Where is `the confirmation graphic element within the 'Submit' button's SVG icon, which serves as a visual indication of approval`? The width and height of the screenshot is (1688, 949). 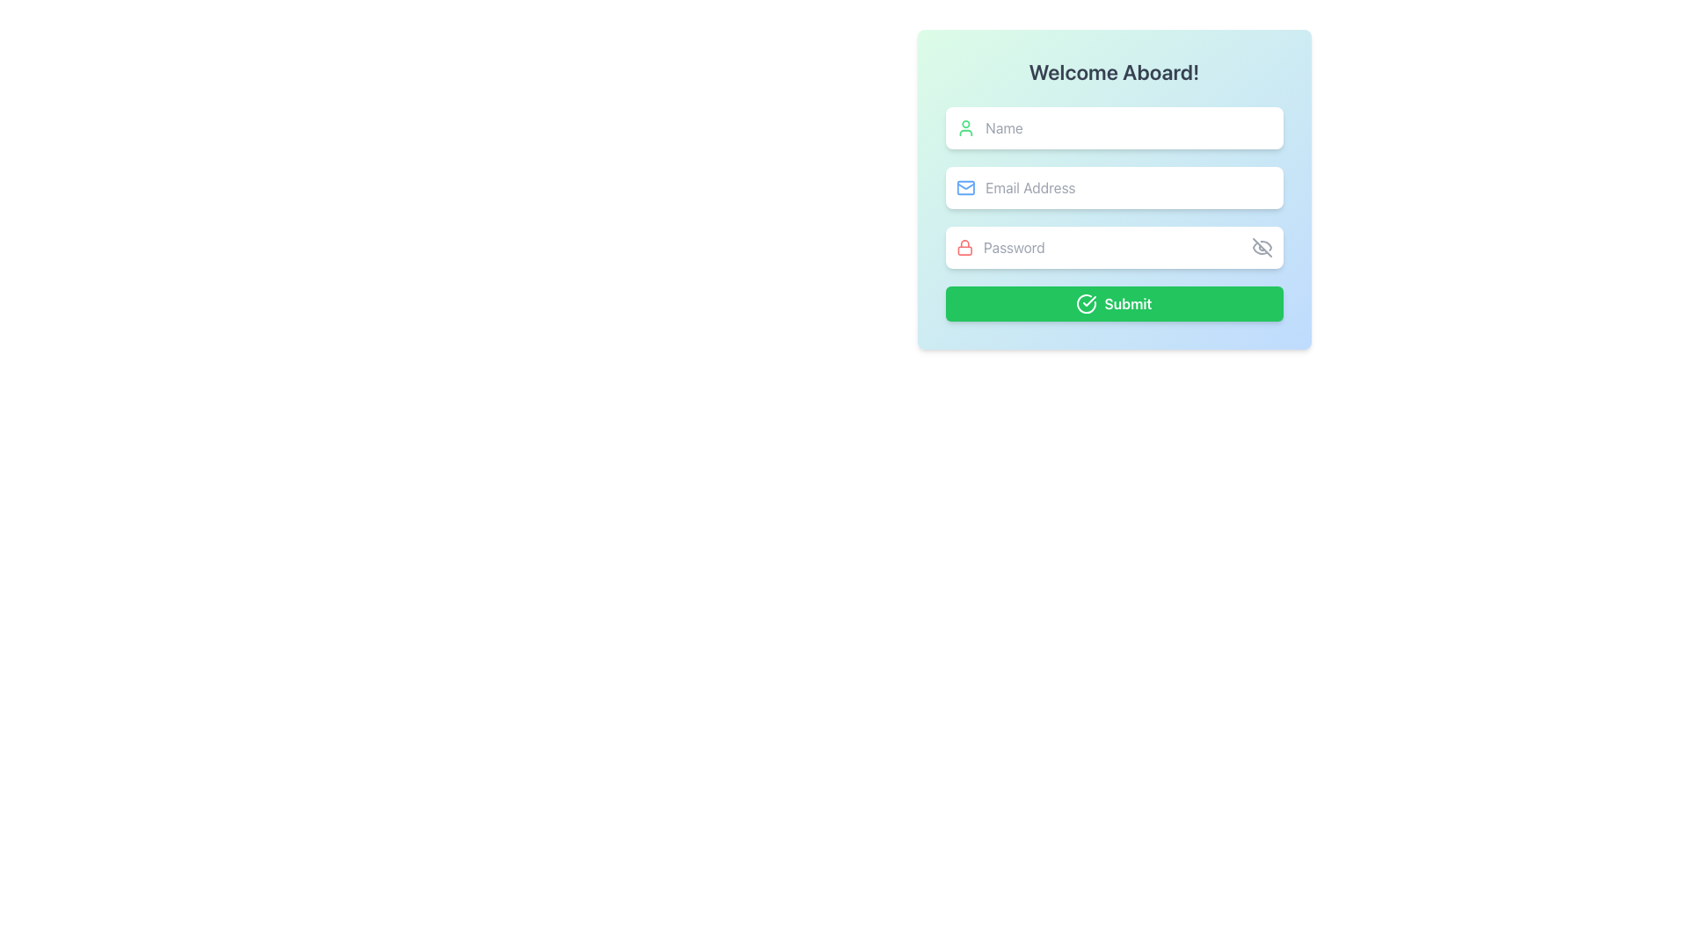
the confirmation graphic element within the 'Submit' button's SVG icon, which serves as a visual indication of approval is located at coordinates (1086, 303).